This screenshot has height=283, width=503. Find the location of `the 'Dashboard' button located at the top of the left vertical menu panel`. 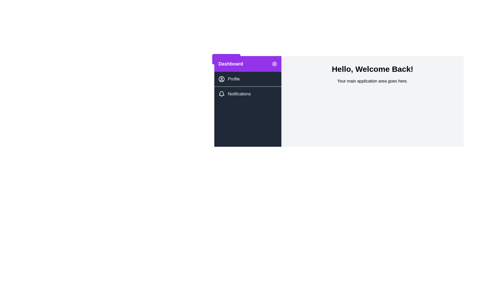

the 'Dashboard' button located at the top of the left vertical menu panel is located at coordinates (247, 63).